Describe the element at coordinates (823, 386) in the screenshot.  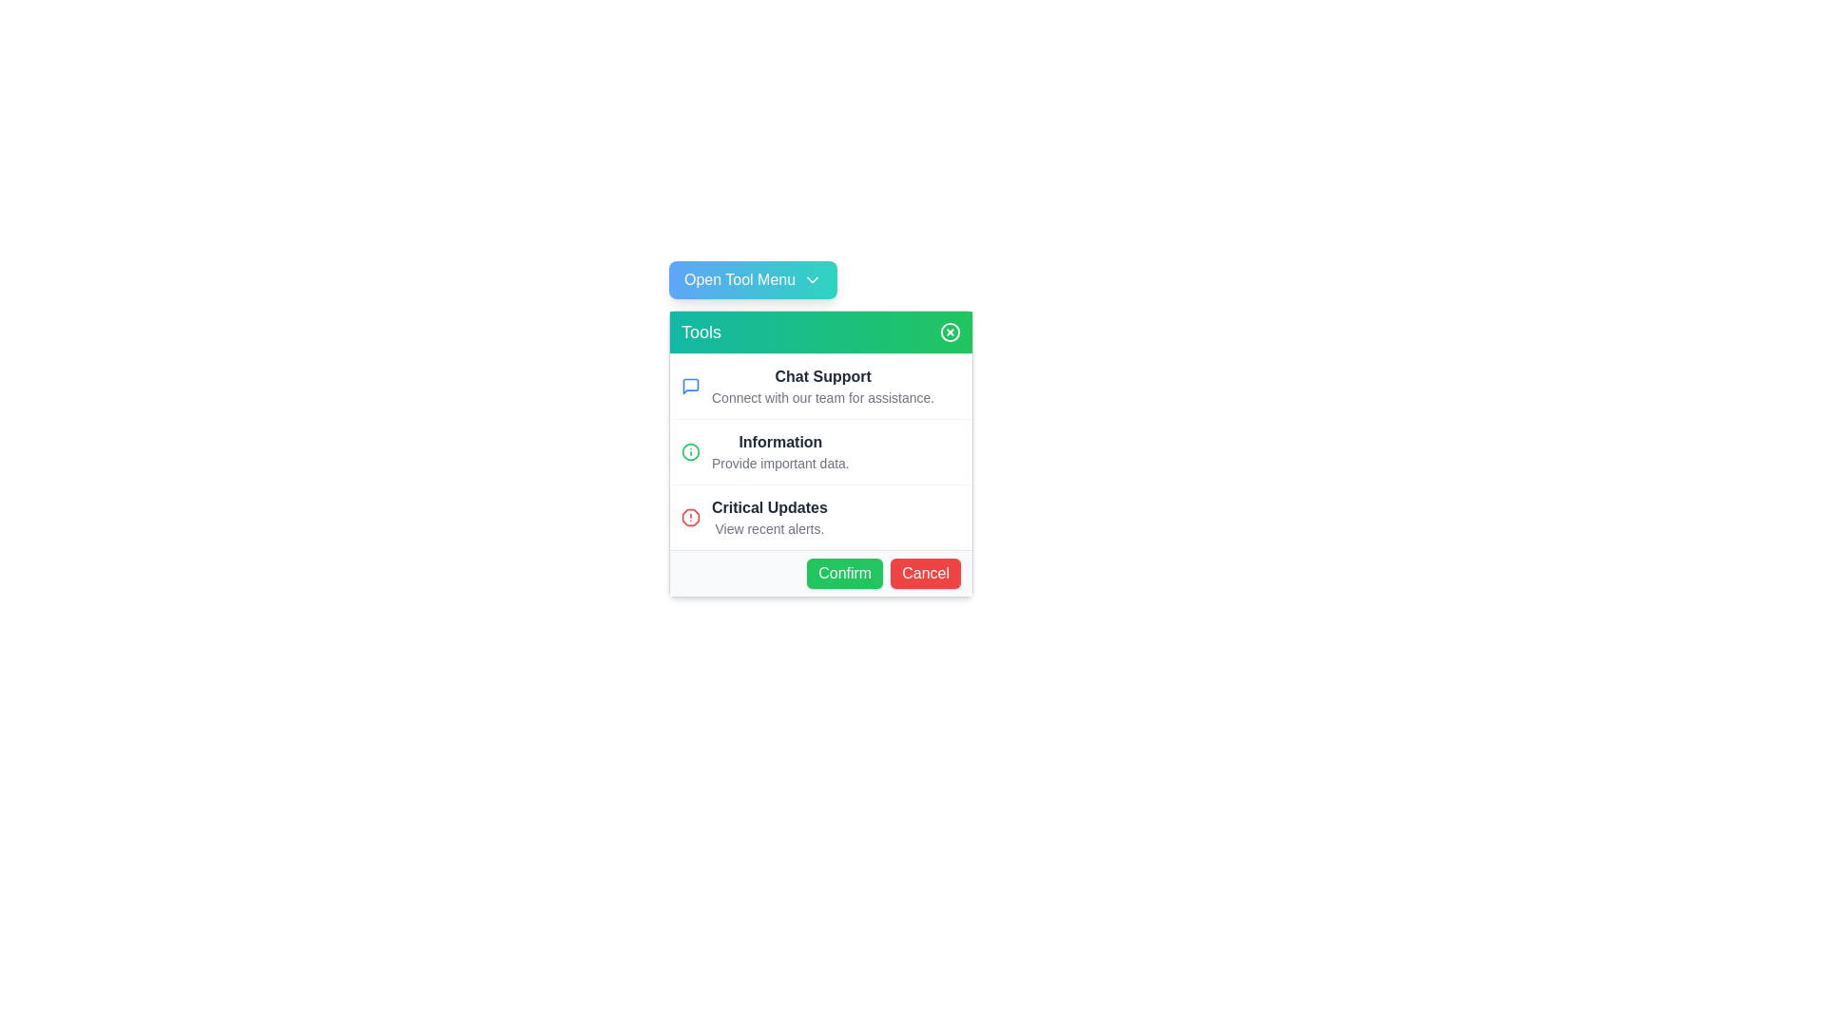
I see `descriptive information displayed in the 'Chat Support' text group, which includes the lines 'Chat Support' and 'Connect with our team for assistance.'` at that location.